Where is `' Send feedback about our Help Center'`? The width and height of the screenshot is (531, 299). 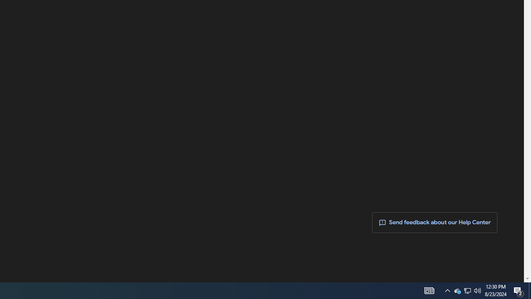
' Send feedback about our Help Center' is located at coordinates (434, 222).